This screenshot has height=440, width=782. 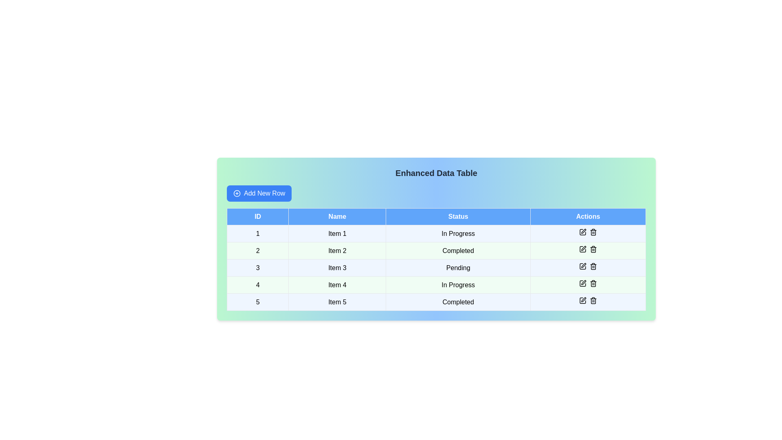 What do you see at coordinates (593, 249) in the screenshot?
I see `the trash can icon in the 'Actions' column for row 2 of the data table` at bounding box center [593, 249].